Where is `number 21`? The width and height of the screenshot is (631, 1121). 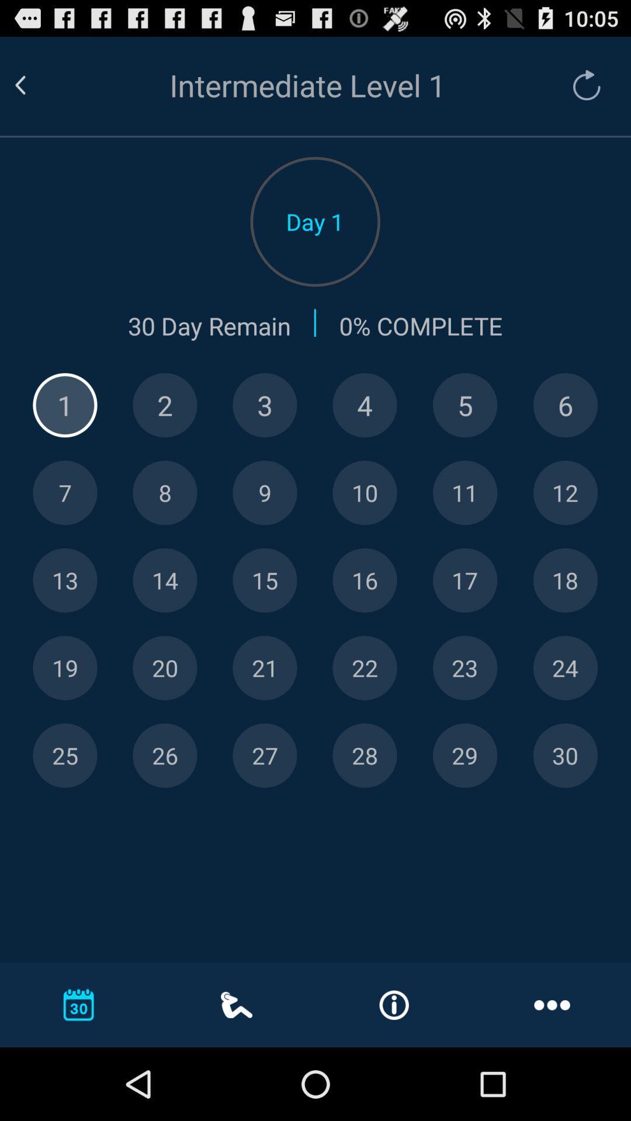 number 21 is located at coordinates (265, 668).